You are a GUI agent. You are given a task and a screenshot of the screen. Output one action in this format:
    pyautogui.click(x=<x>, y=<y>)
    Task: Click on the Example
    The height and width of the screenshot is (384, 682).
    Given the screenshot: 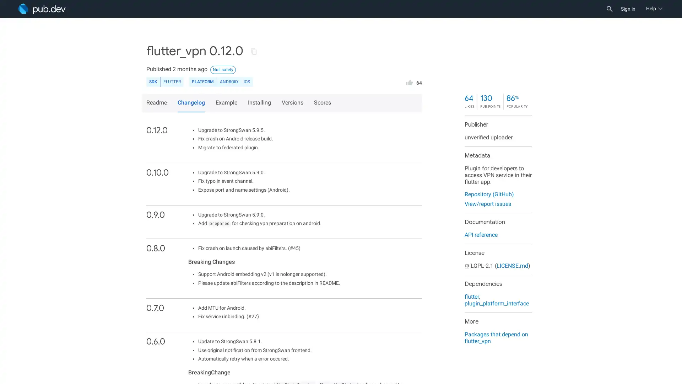 What is the action you would take?
    pyautogui.click(x=227, y=103)
    